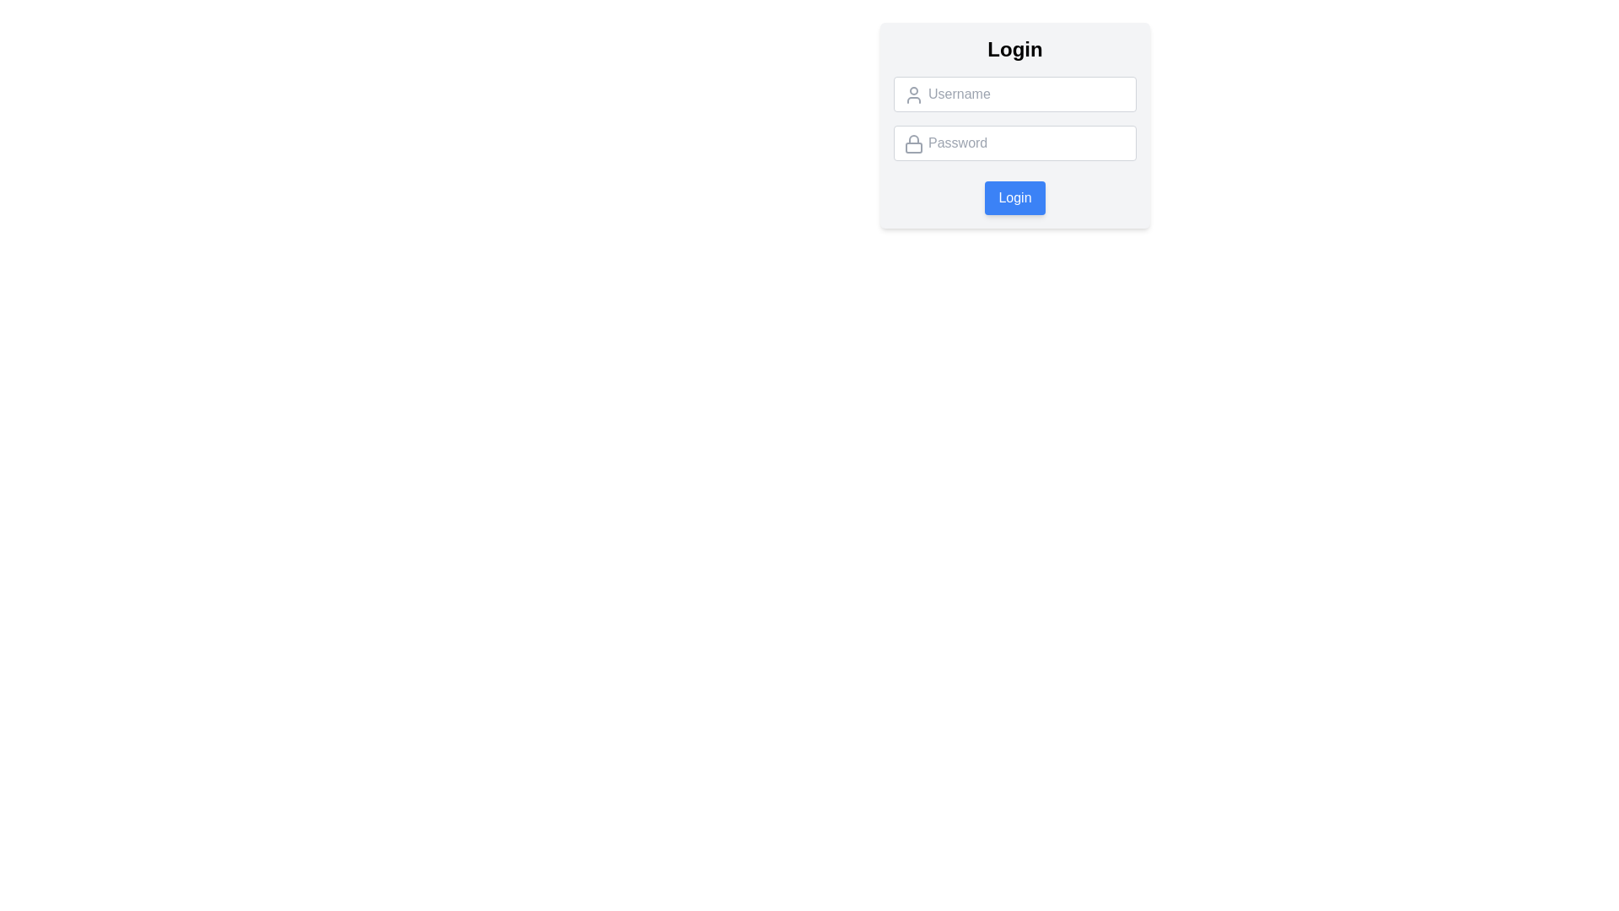 This screenshot has height=911, width=1619. Describe the element at coordinates (913, 143) in the screenshot. I see `the padlock icon located to the left inside the password input field, which is styled in gray and has a thin outlined design, adjacent to the 'Password' placeholder text` at that location.